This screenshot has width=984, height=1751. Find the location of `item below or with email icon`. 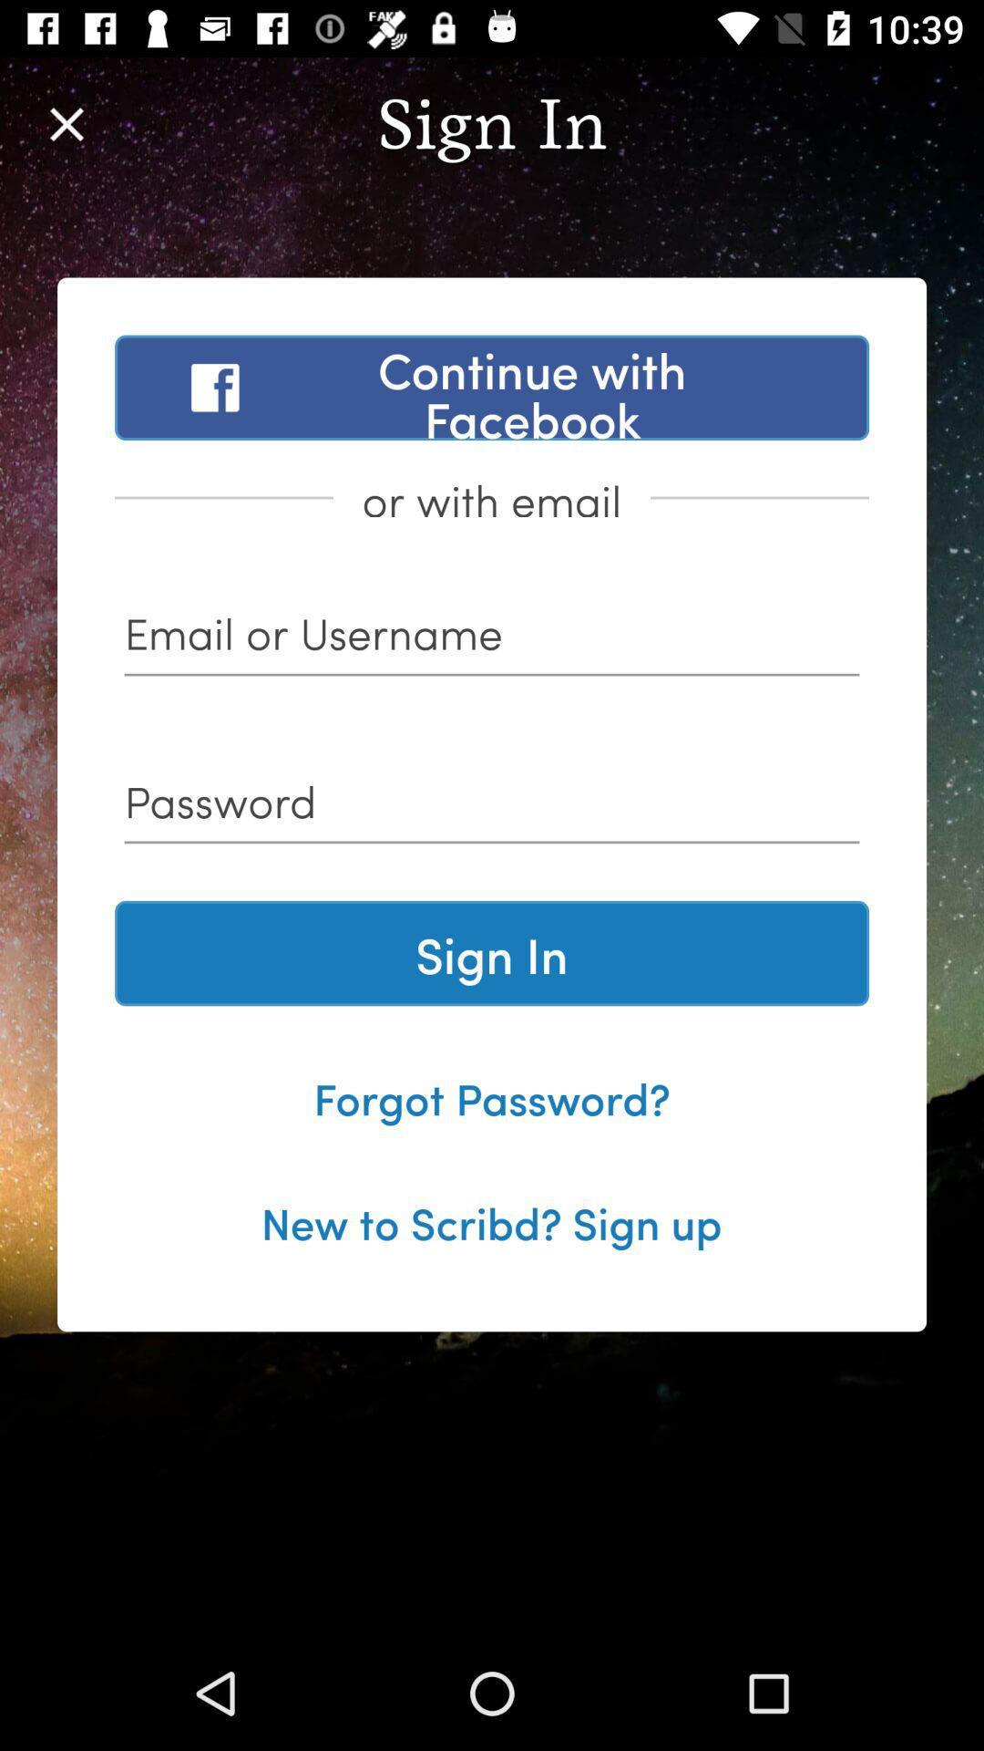

item below or with email icon is located at coordinates (492, 639).